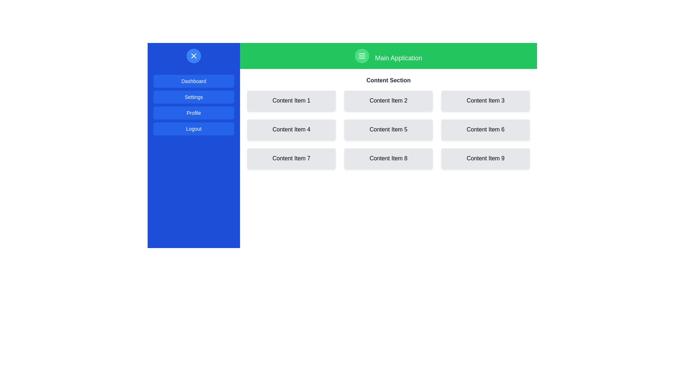 The height and width of the screenshot is (390, 693). I want to click on the green circular button with a menu icon located to the left of the 'Main Application' text in the green header, so click(362, 55).